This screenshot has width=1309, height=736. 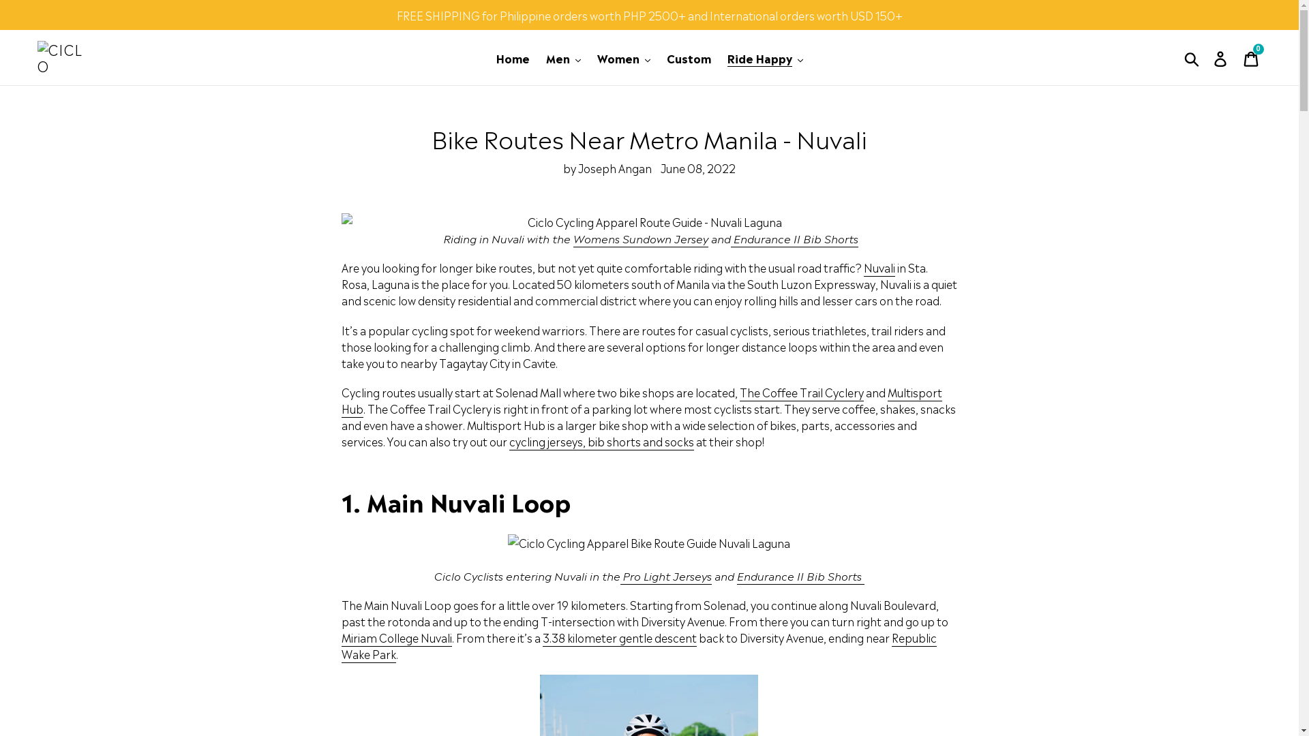 What do you see at coordinates (666, 575) in the screenshot?
I see `'Pro Light Jerseys'` at bounding box center [666, 575].